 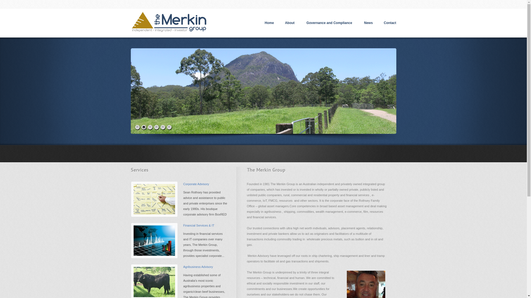 I want to click on '5', so click(x=163, y=128).